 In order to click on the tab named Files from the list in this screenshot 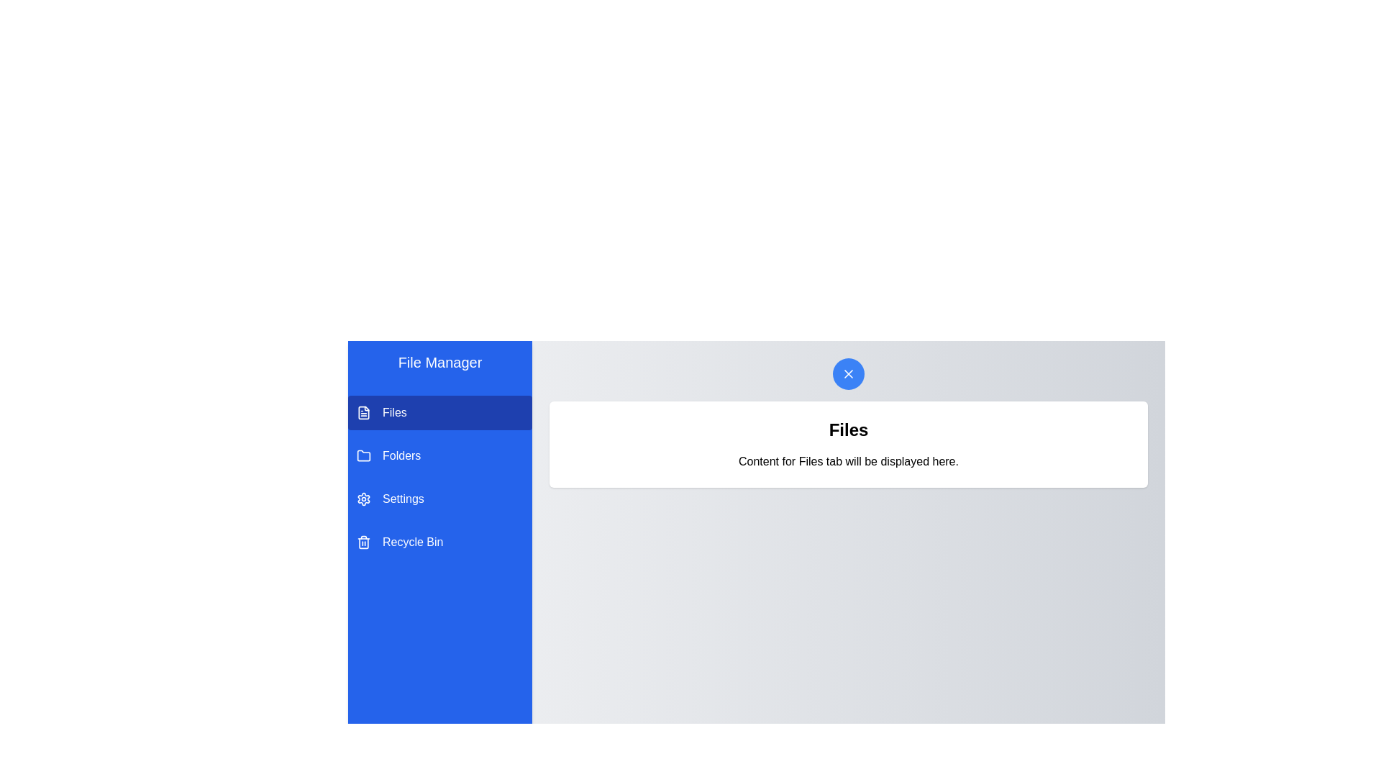, I will do `click(439, 413)`.